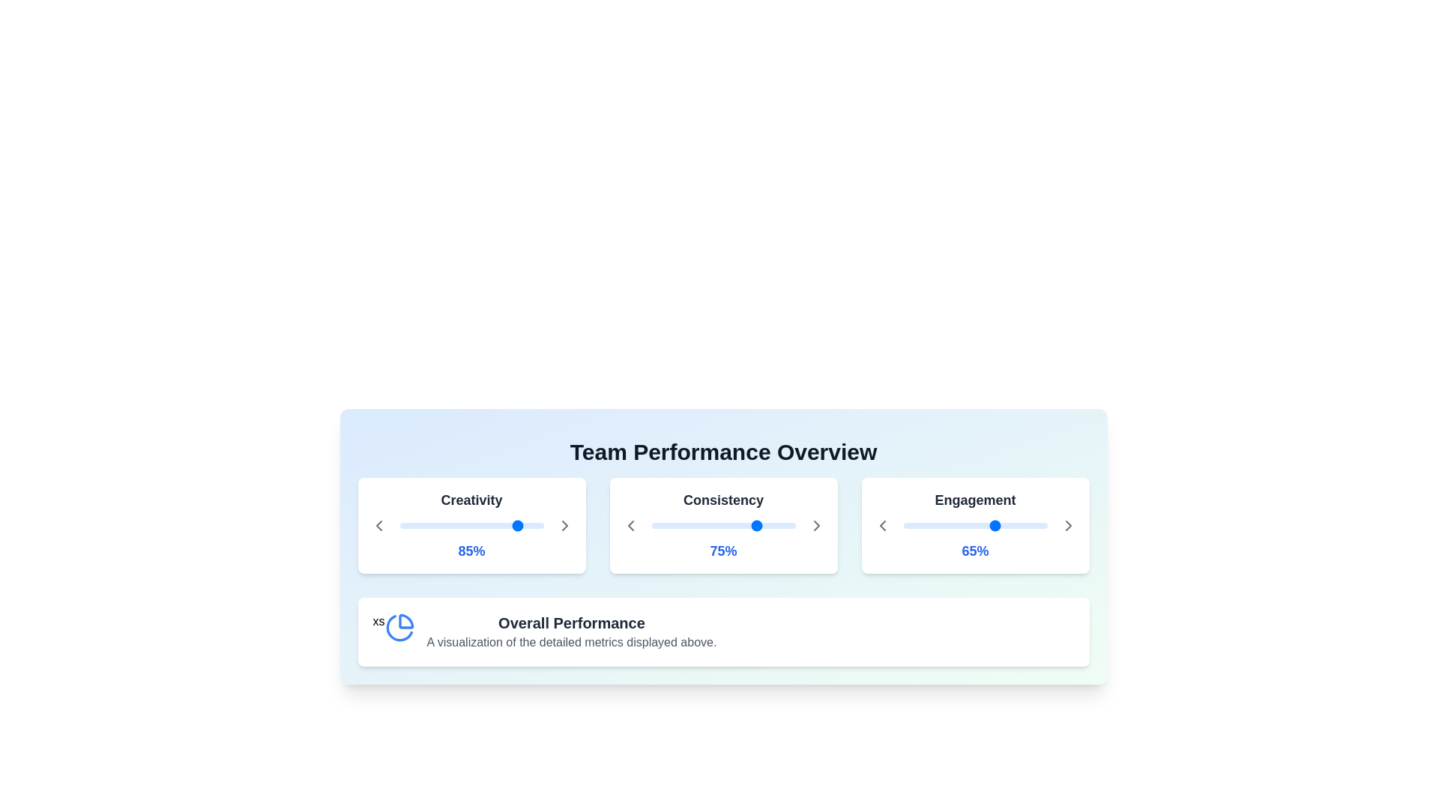  What do you see at coordinates (1019, 525) in the screenshot?
I see `engagement` at bounding box center [1019, 525].